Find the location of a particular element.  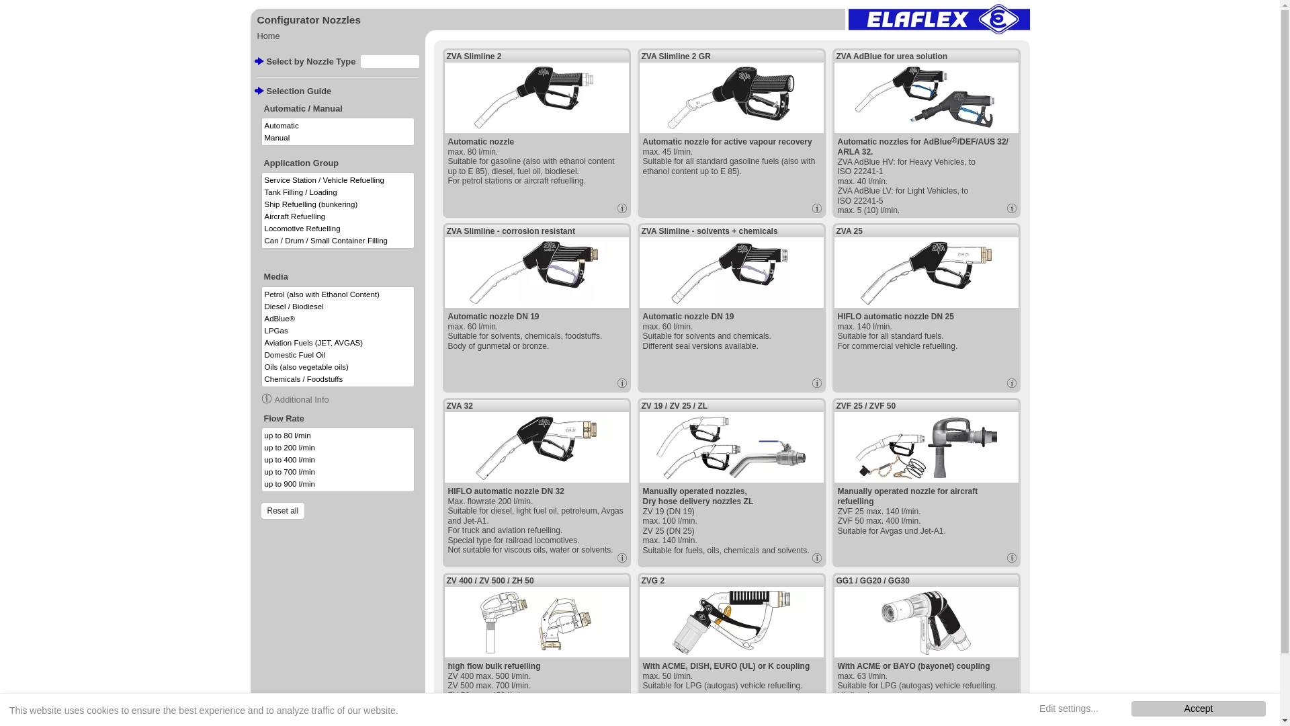

'Manual' is located at coordinates (261, 137).